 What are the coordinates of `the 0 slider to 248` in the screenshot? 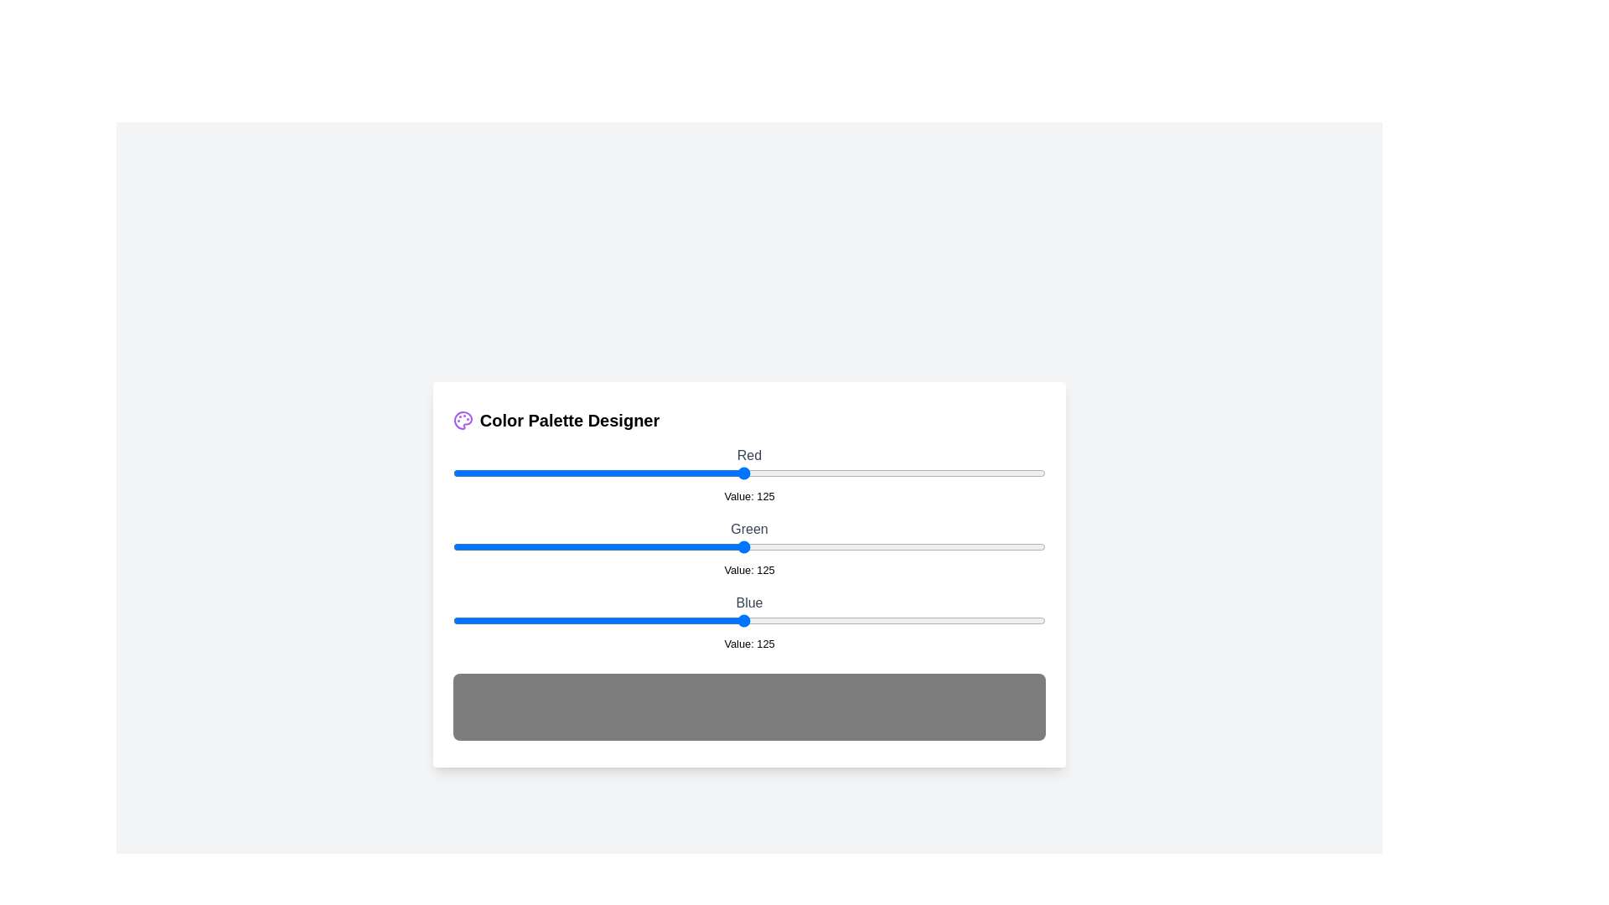 It's located at (1028, 473).